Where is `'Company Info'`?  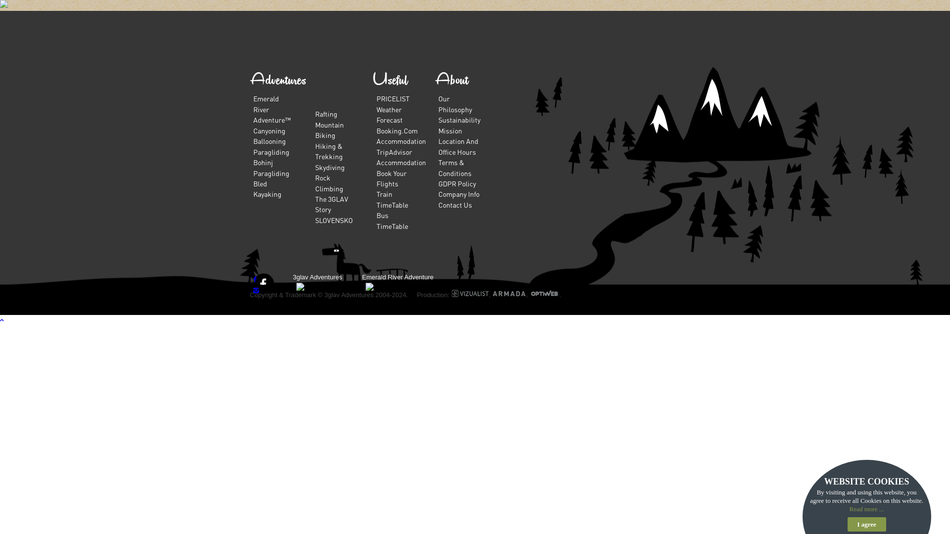
'Company Info' is located at coordinates (438, 194).